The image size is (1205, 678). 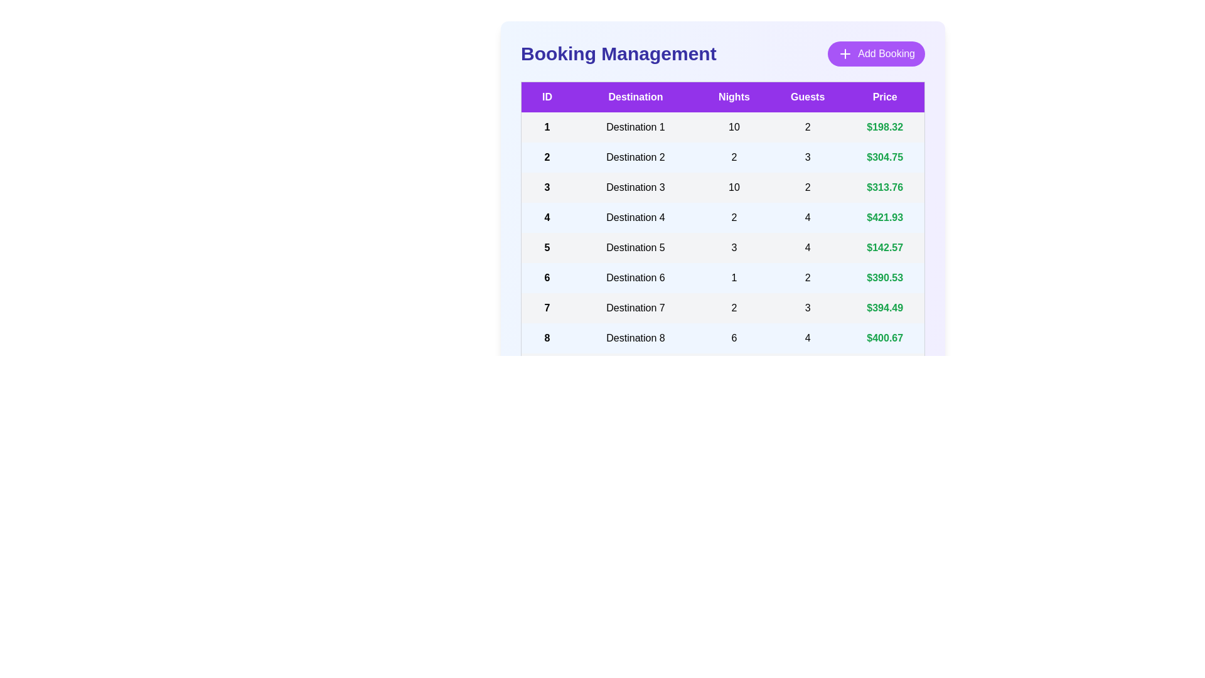 What do you see at coordinates (884, 96) in the screenshot?
I see `the column header Price to sort the table by that column` at bounding box center [884, 96].